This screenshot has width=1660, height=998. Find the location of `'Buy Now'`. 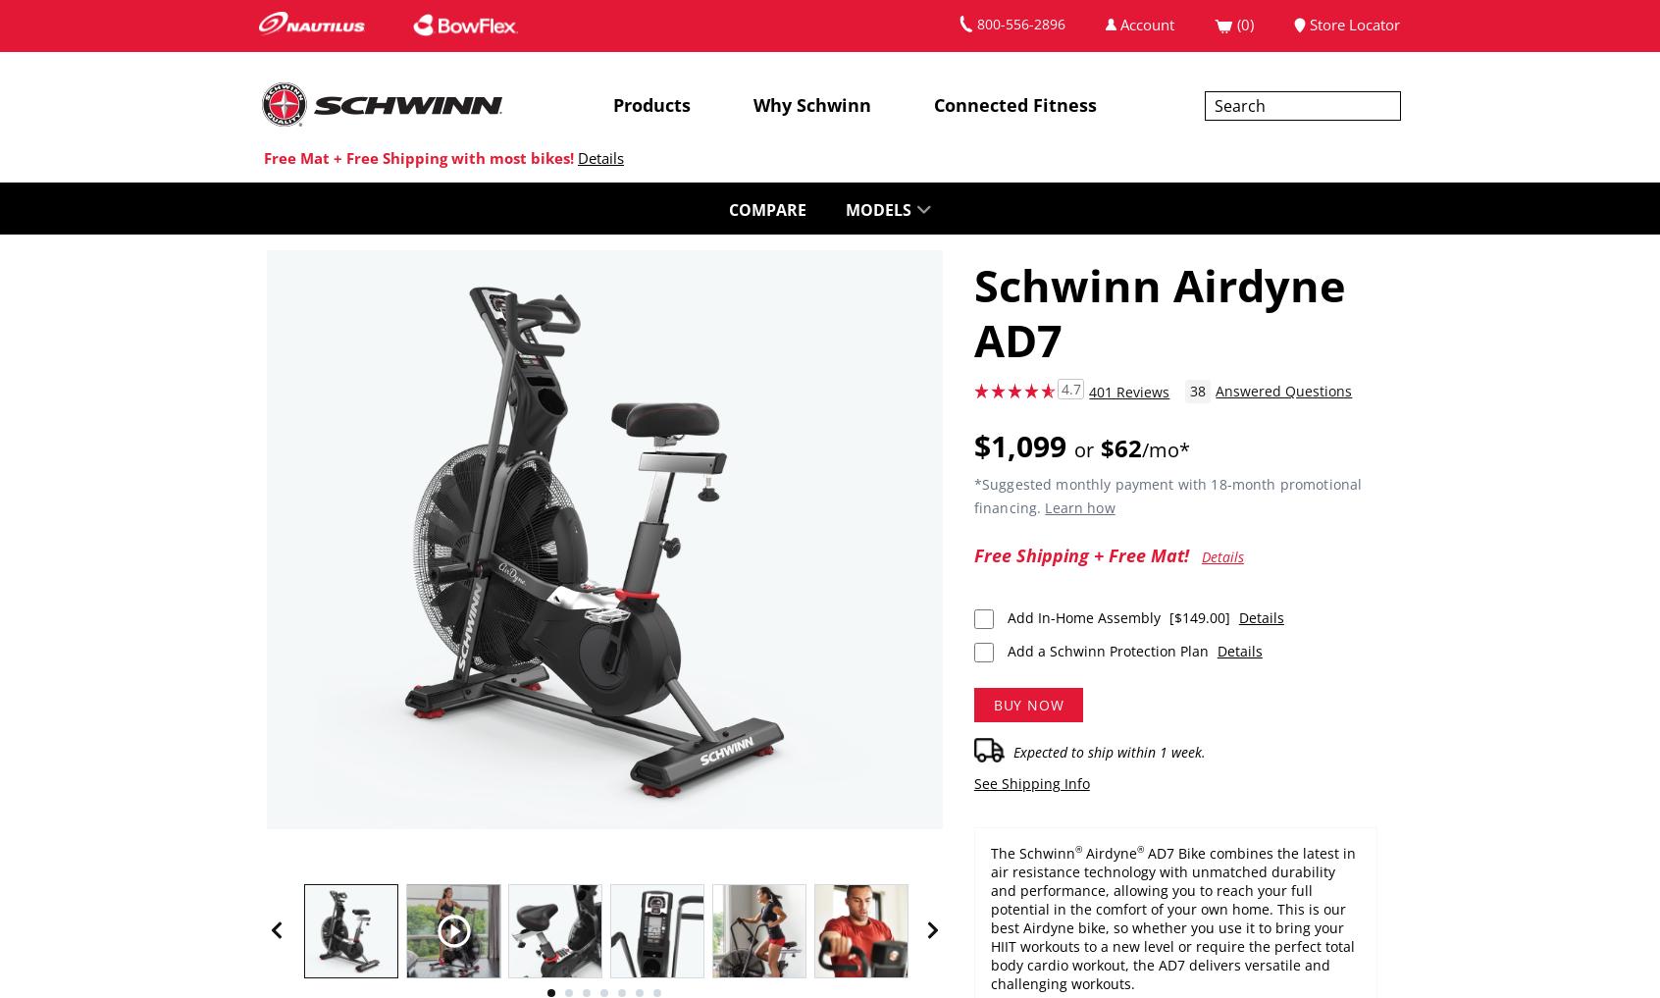

'Buy Now' is located at coordinates (1027, 704).